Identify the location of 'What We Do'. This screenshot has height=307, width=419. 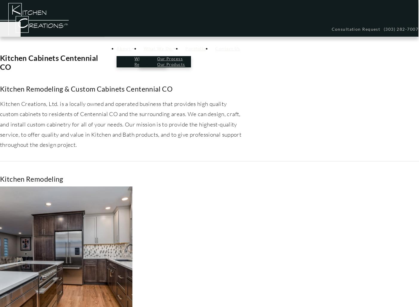
(144, 48).